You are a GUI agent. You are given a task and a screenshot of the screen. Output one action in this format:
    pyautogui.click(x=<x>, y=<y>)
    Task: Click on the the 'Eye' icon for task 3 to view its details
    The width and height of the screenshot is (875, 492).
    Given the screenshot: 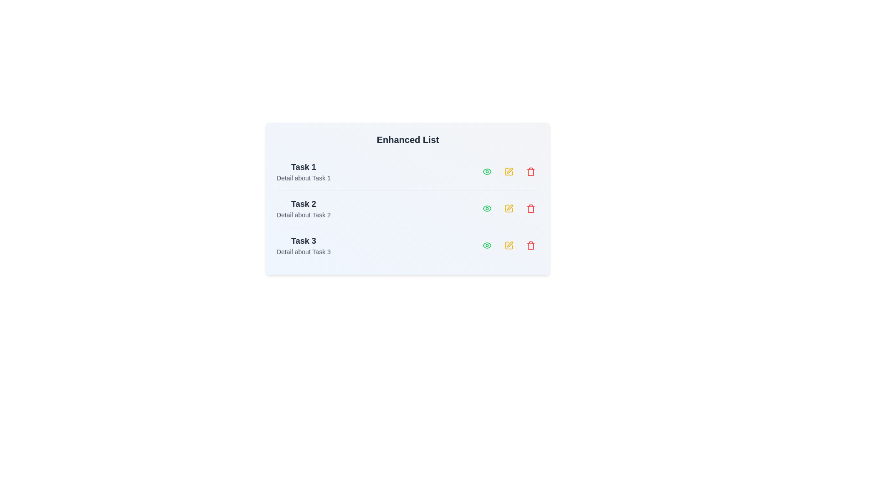 What is the action you would take?
    pyautogui.click(x=487, y=245)
    